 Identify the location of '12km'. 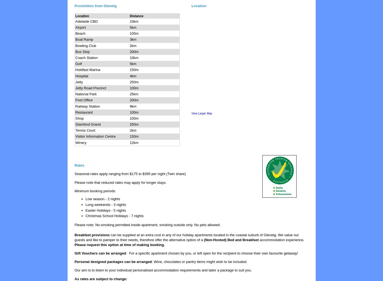
(134, 142).